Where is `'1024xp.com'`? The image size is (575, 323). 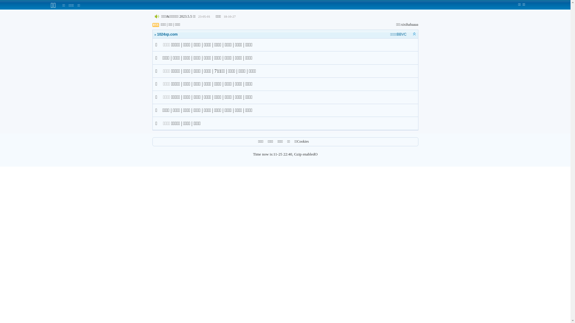
'1024xp.com' is located at coordinates (157, 34).